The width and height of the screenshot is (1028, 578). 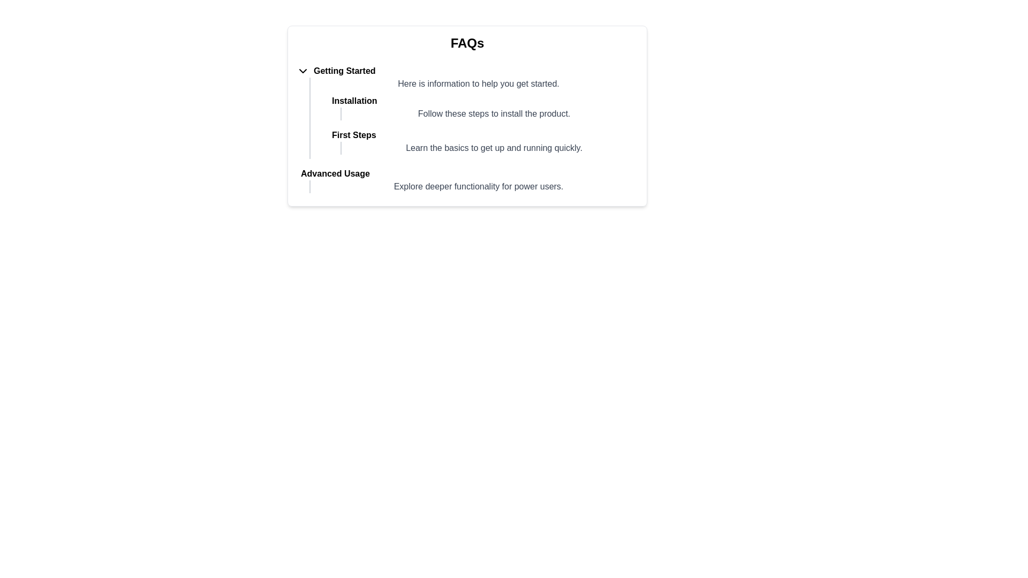 What do you see at coordinates (478, 141) in the screenshot?
I see `the Subsection Header with Description located under the 'Getting Started' section, positioned below the 'Installation' subsection` at bounding box center [478, 141].